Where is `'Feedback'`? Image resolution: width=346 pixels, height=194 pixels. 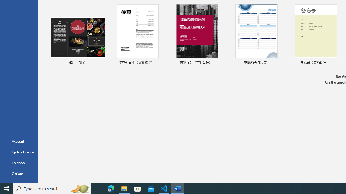
'Feedback' is located at coordinates (19, 162).